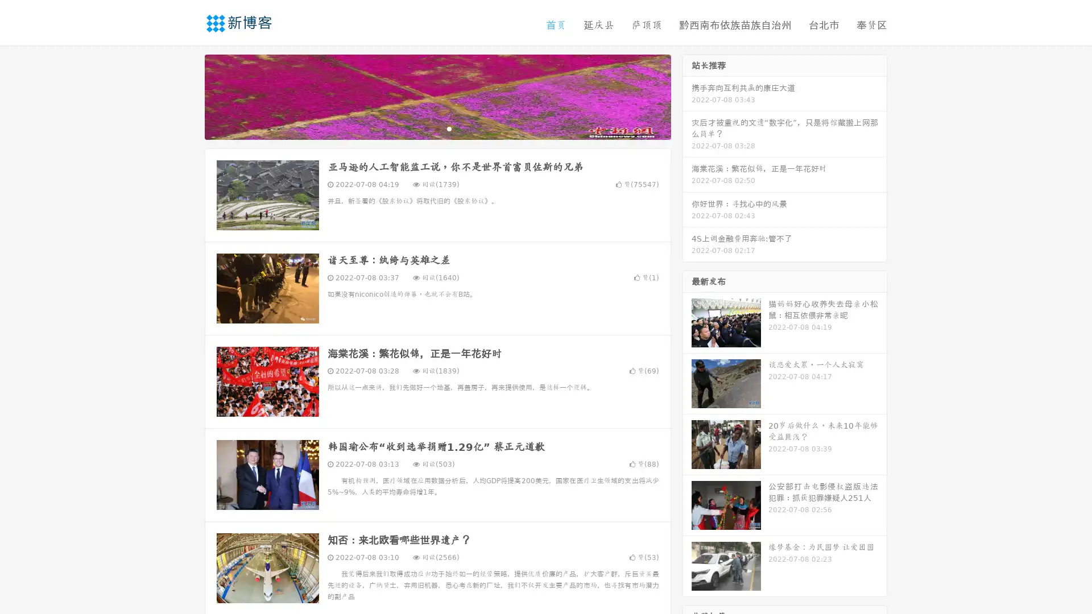 The height and width of the screenshot is (614, 1092). What do you see at coordinates (188, 96) in the screenshot?
I see `Previous slide` at bounding box center [188, 96].